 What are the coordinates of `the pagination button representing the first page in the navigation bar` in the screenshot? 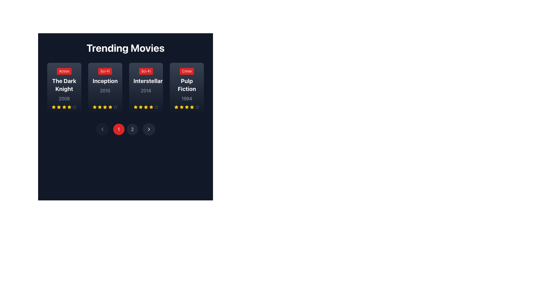 It's located at (125, 129).